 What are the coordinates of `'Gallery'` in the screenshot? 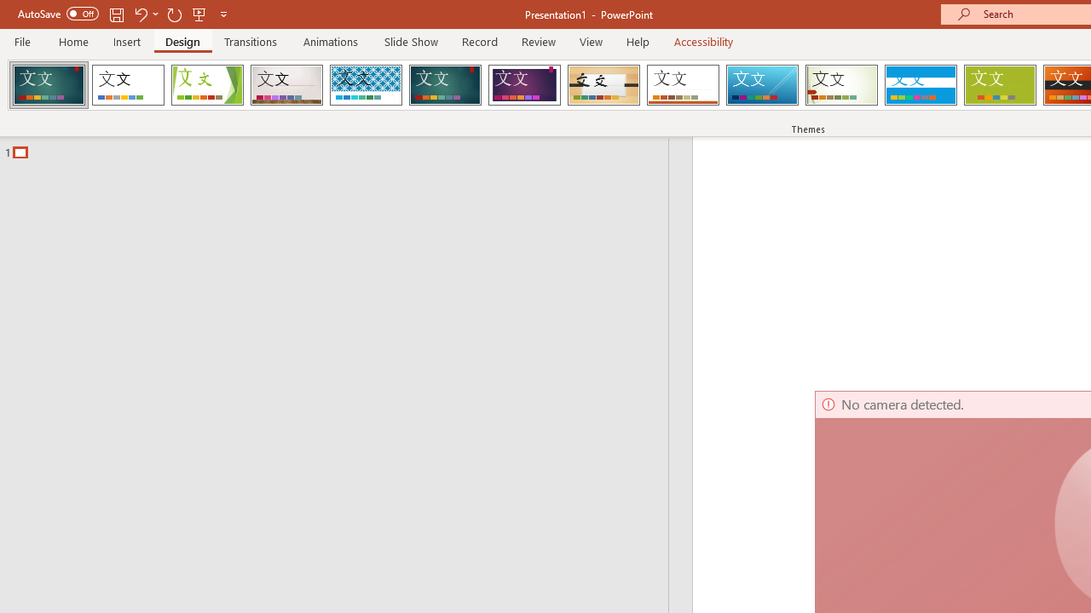 It's located at (286, 85).